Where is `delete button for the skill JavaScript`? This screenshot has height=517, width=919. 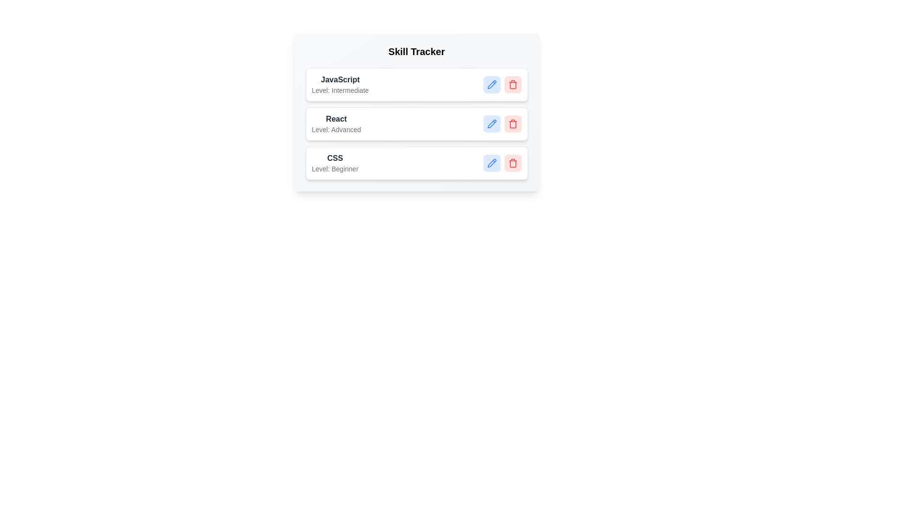
delete button for the skill JavaScript is located at coordinates (512, 84).